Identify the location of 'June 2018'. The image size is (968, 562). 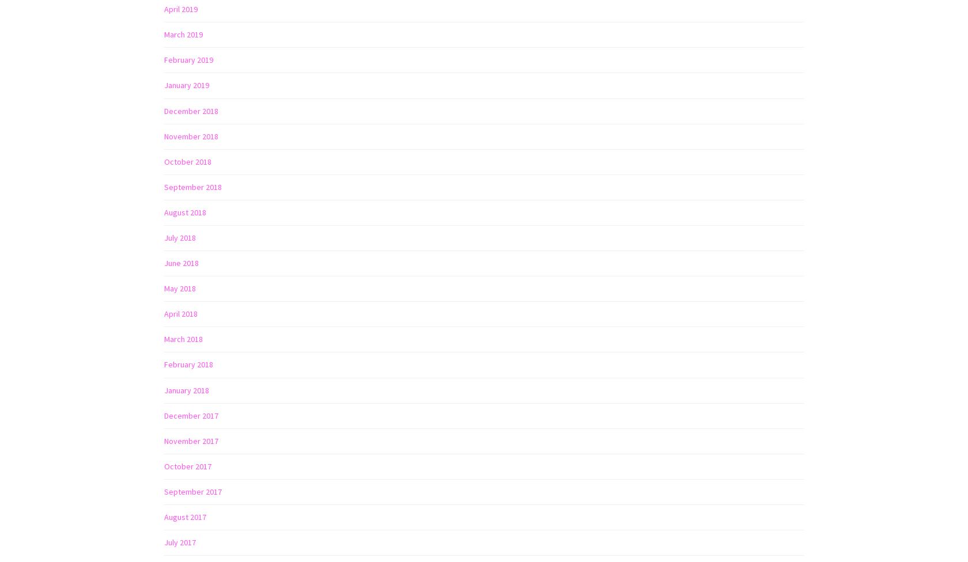
(181, 262).